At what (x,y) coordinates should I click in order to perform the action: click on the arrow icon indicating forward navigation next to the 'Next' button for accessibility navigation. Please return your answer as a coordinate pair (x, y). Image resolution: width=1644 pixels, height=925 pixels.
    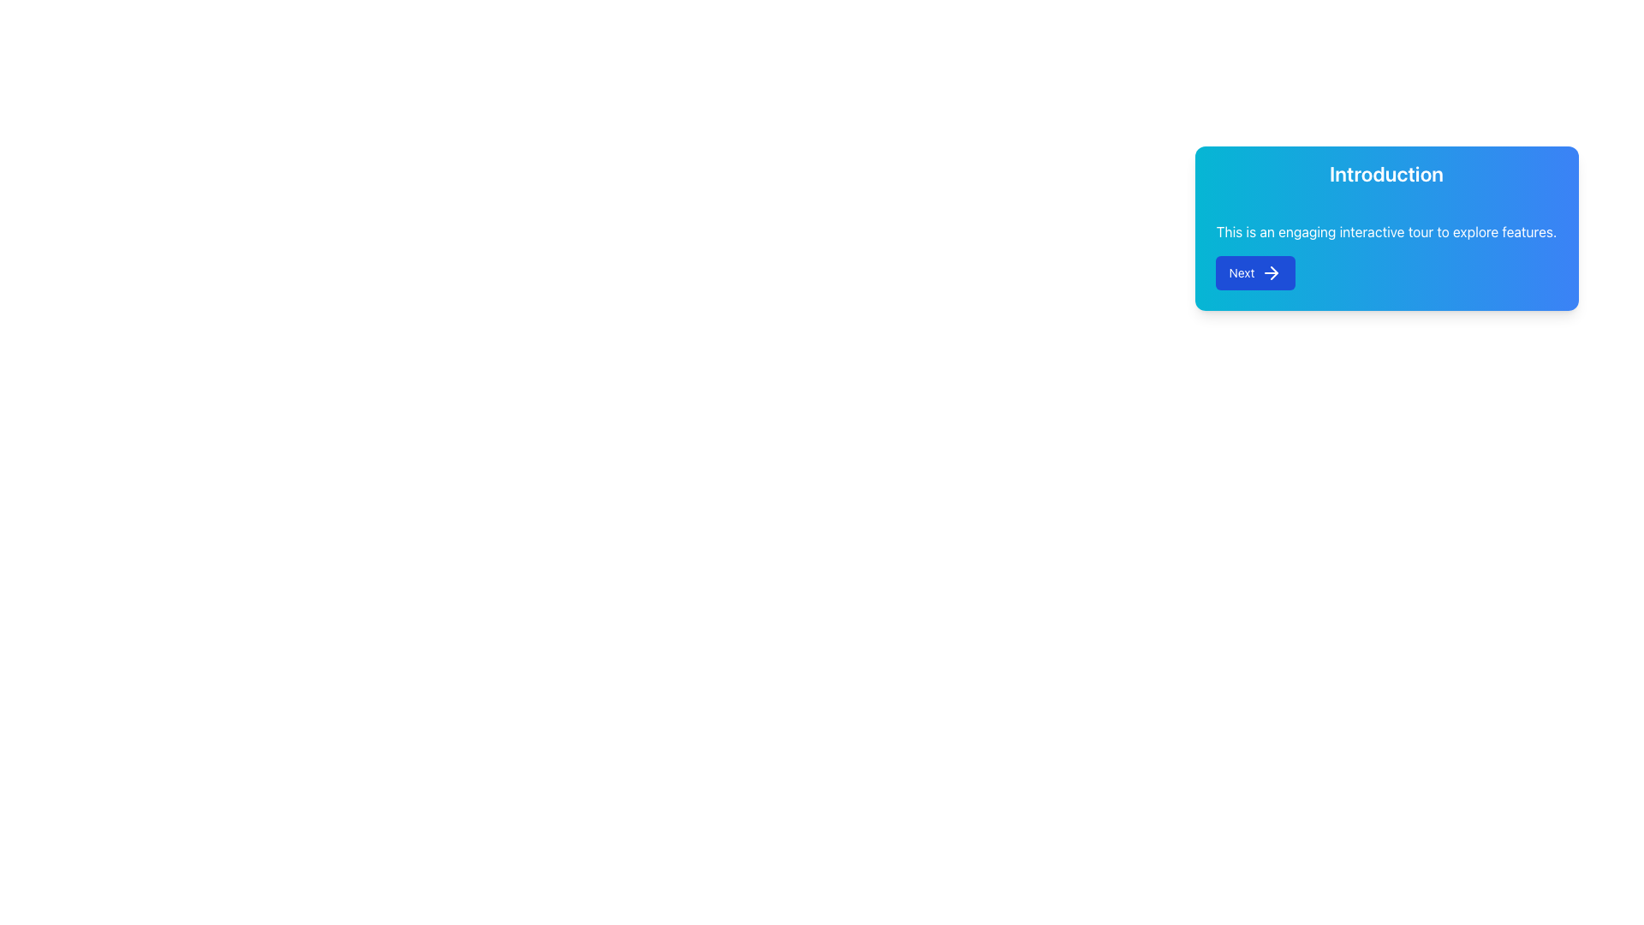
    Looking at the image, I should click on (1272, 272).